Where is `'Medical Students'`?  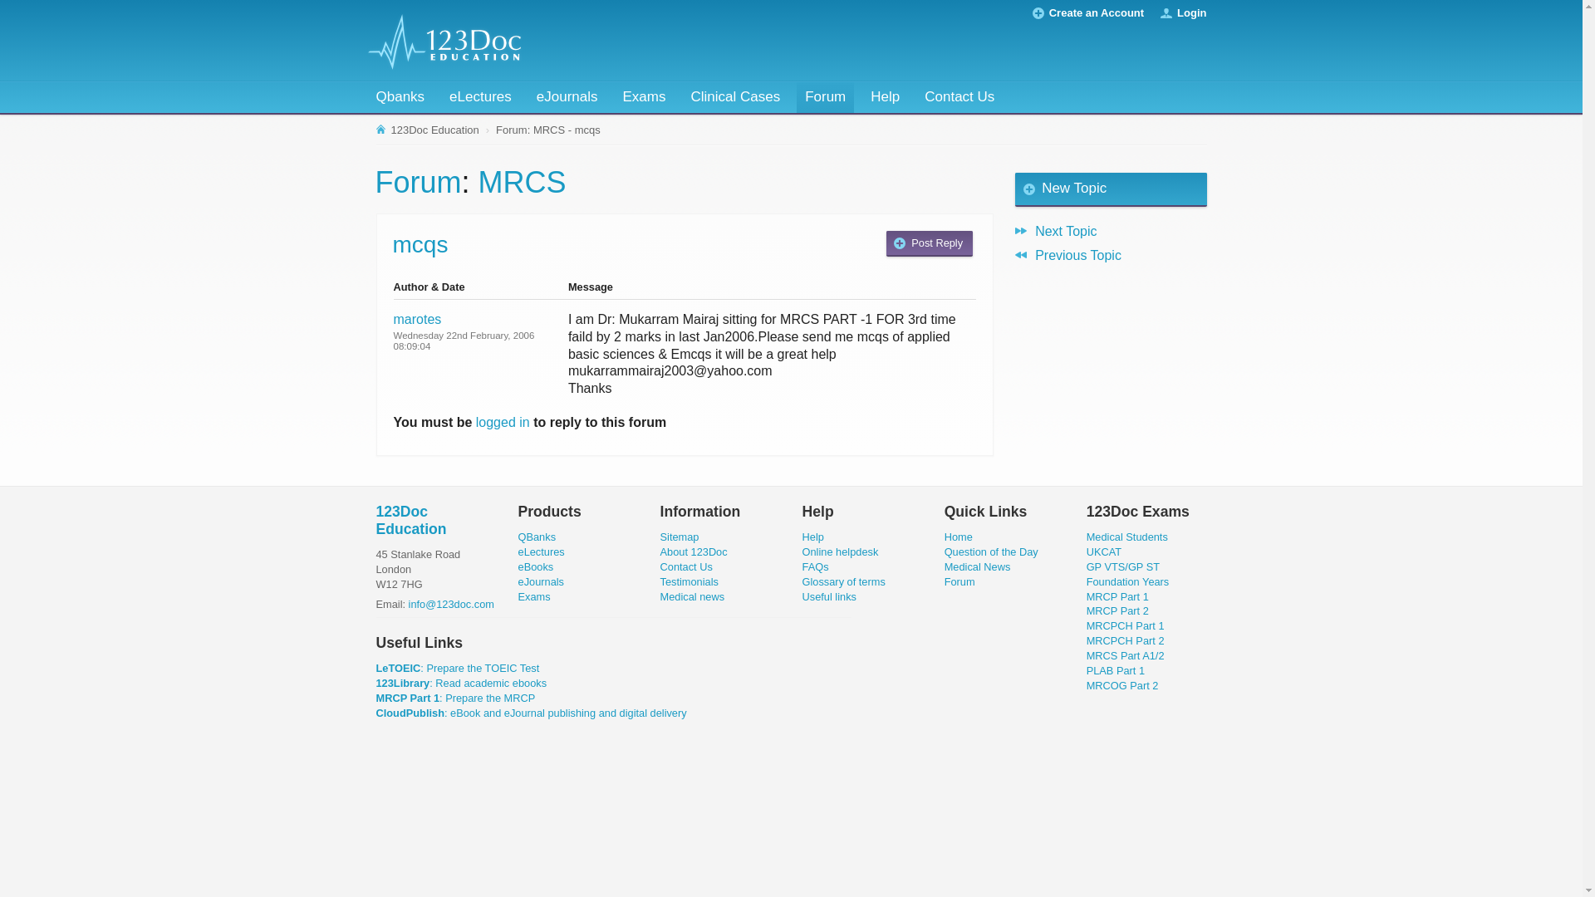
'Medical Students' is located at coordinates (1127, 537).